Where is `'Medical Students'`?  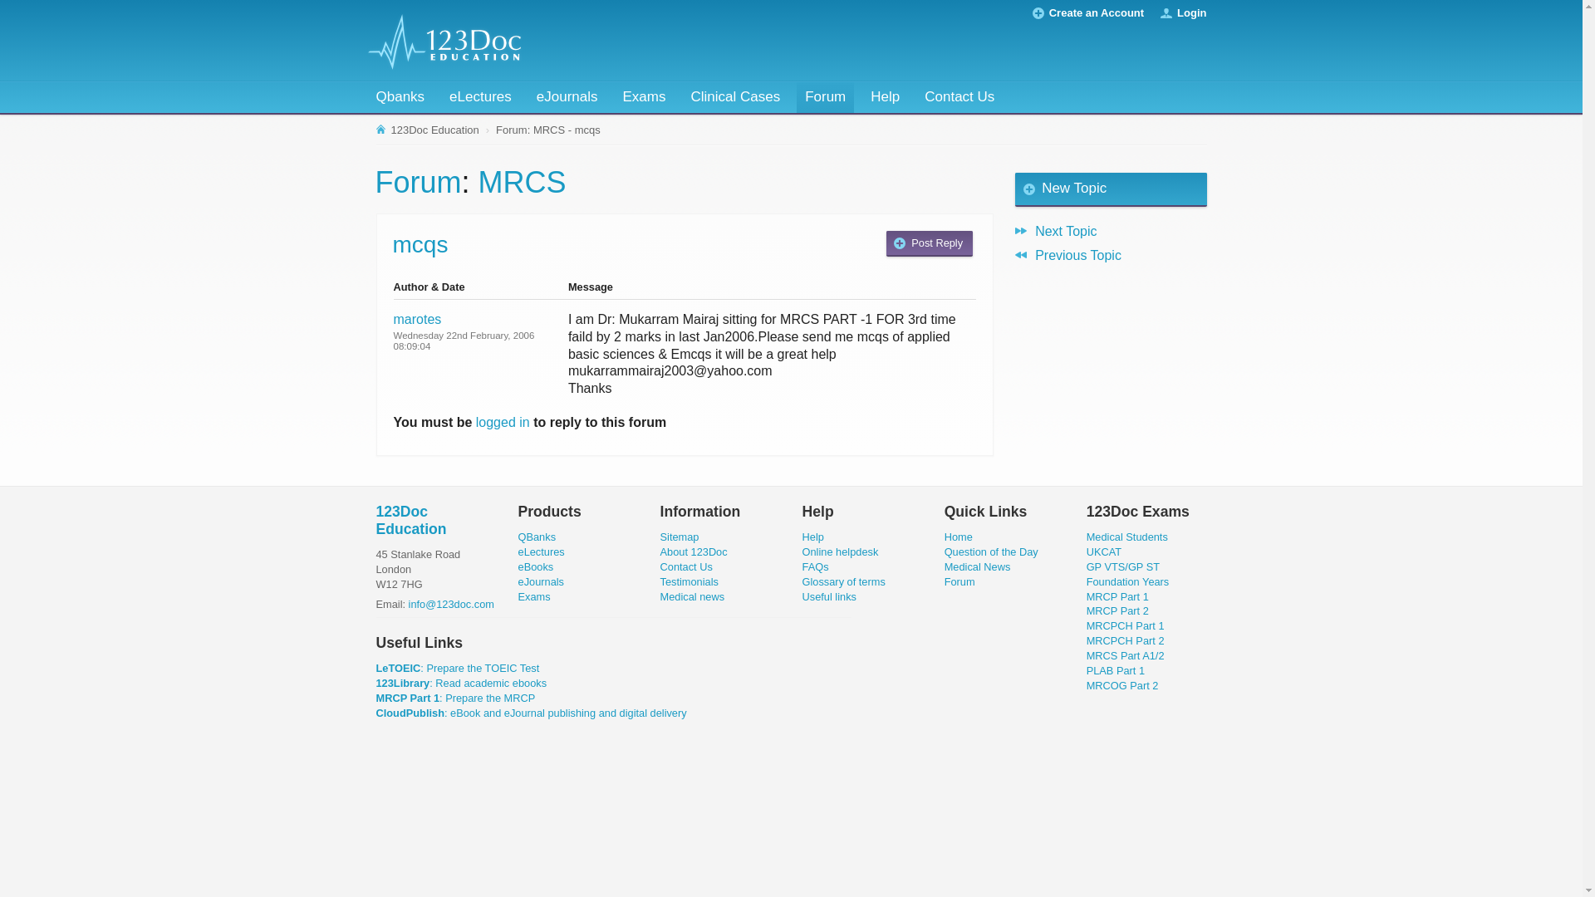
'Medical Students' is located at coordinates (1127, 537).